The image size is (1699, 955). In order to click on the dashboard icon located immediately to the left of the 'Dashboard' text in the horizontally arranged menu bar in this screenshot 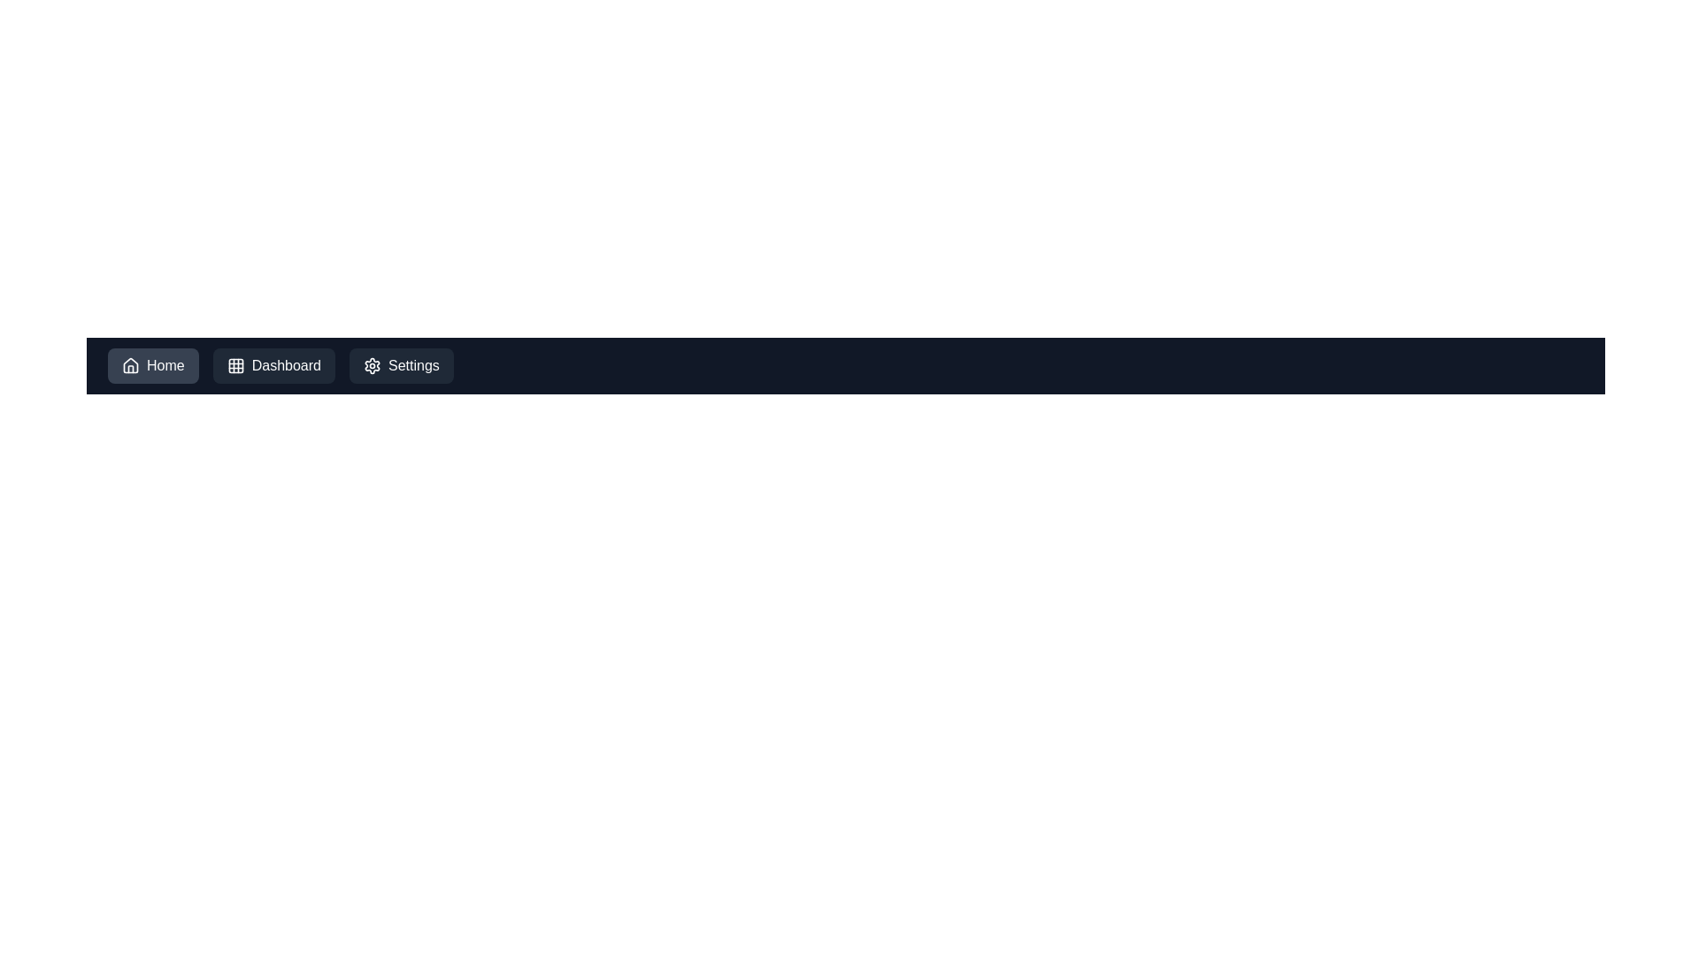, I will do `click(234, 364)`.